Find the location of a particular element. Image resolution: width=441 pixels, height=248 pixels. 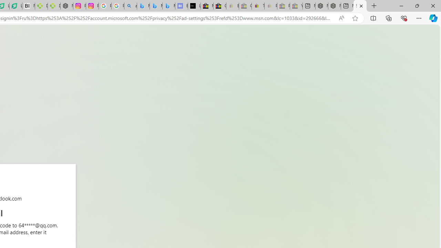

'Microsoft Bing Travel - Flights from Hong Kong to Bangkok' is located at coordinates (143, 6).